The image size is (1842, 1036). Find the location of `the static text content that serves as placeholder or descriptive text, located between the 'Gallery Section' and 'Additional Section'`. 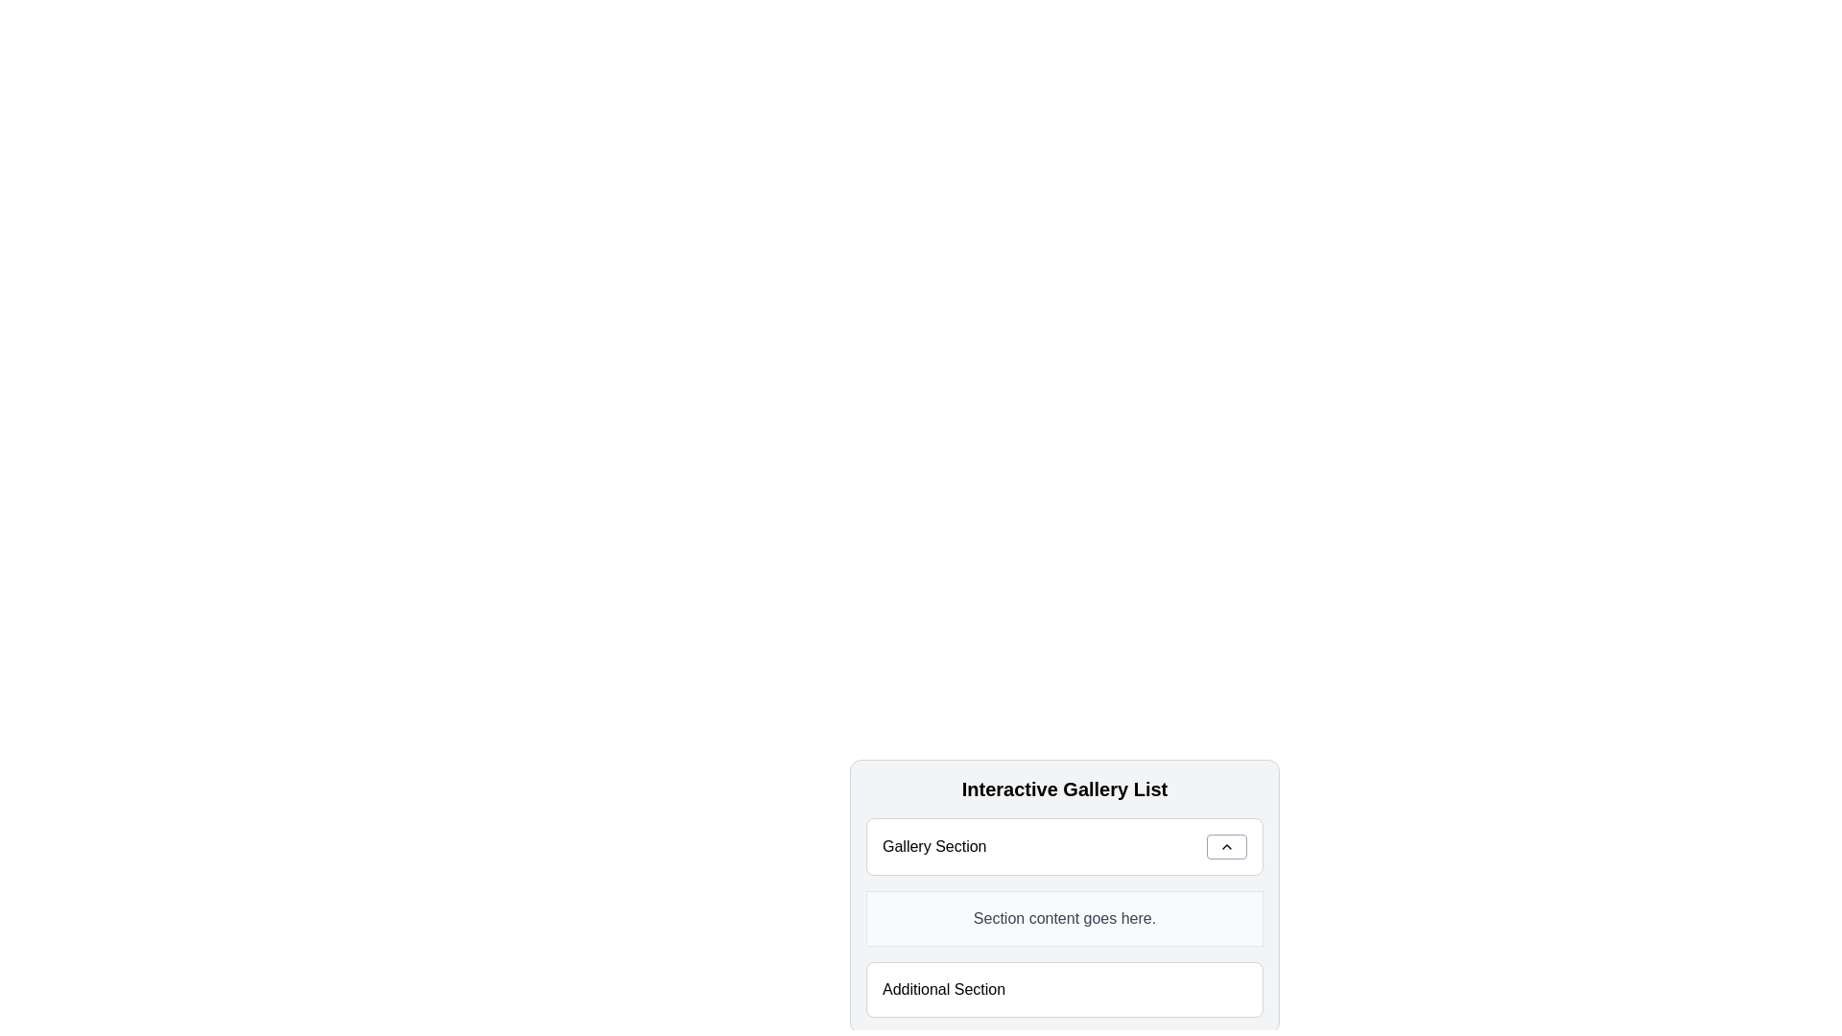

the static text content that serves as placeholder or descriptive text, located between the 'Gallery Section' and 'Additional Section' is located at coordinates (1063, 917).